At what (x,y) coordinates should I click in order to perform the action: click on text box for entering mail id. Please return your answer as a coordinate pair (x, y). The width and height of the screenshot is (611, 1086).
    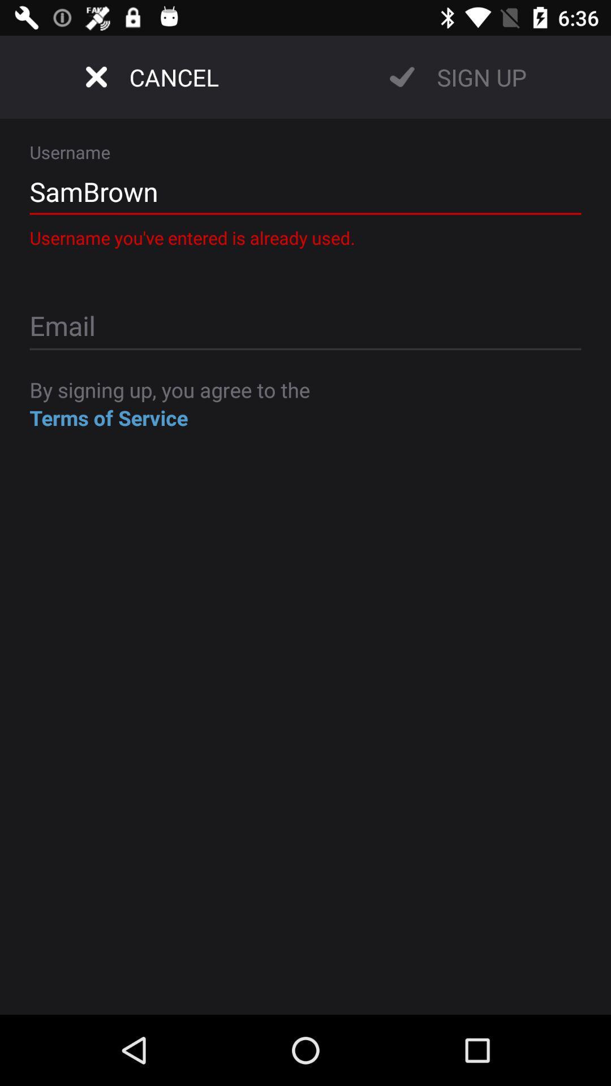
    Looking at the image, I should click on (305, 327).